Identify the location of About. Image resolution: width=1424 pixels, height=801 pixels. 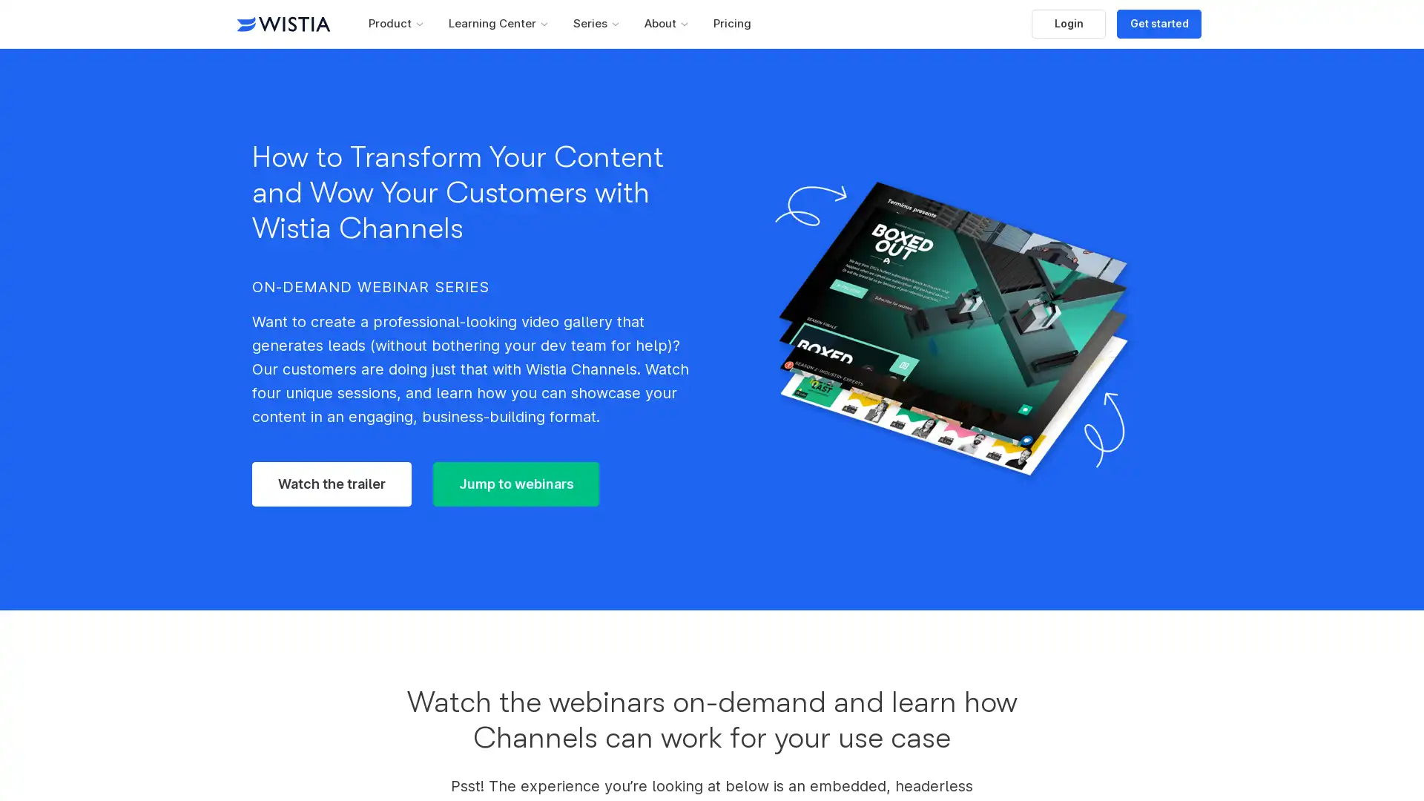
(665, 24).